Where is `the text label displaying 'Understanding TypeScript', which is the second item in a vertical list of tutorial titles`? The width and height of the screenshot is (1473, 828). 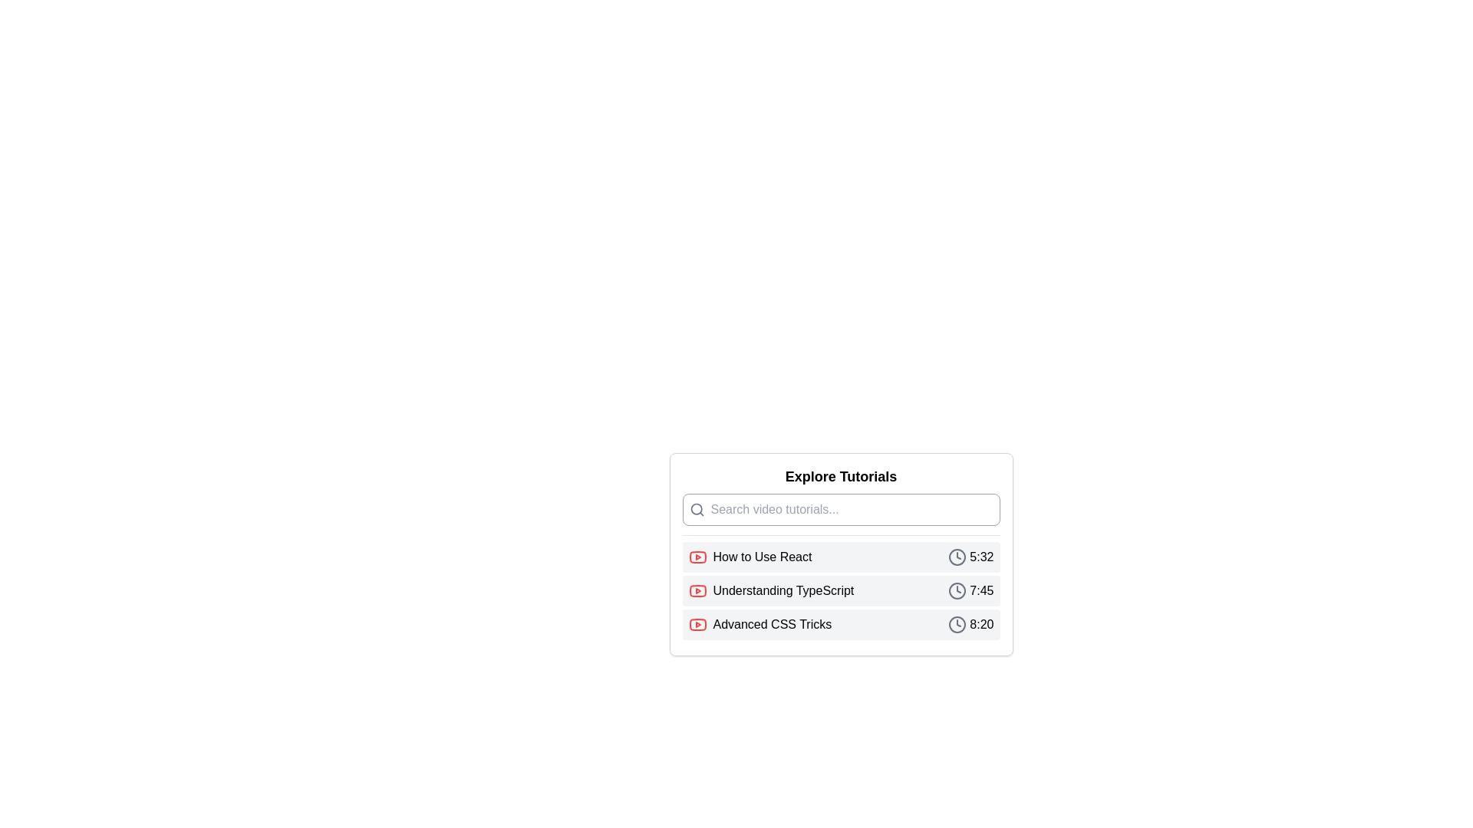
the text label displaying 'Understanding TypeScript', which is the second item in a vertical list of tutorial titles is located at coordinates (783, 590).